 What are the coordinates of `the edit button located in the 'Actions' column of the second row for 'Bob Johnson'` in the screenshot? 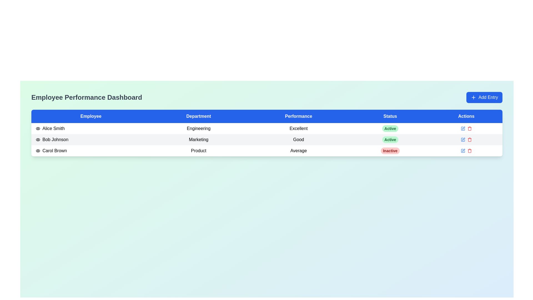 It's located at (463, 128).